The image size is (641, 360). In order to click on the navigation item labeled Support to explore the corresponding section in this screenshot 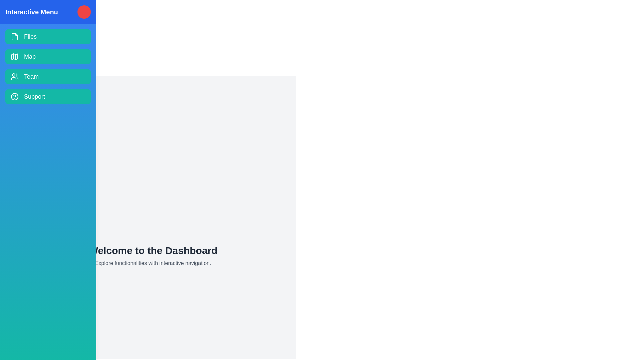, I will do `click(48, 96)`.